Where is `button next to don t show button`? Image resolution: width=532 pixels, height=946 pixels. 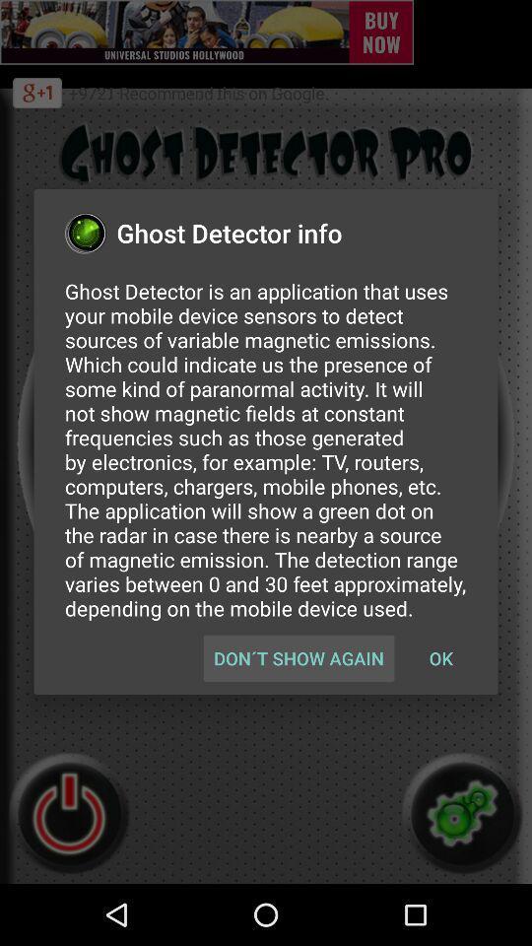 button next to don t show button is located at coordinates (440, 658).